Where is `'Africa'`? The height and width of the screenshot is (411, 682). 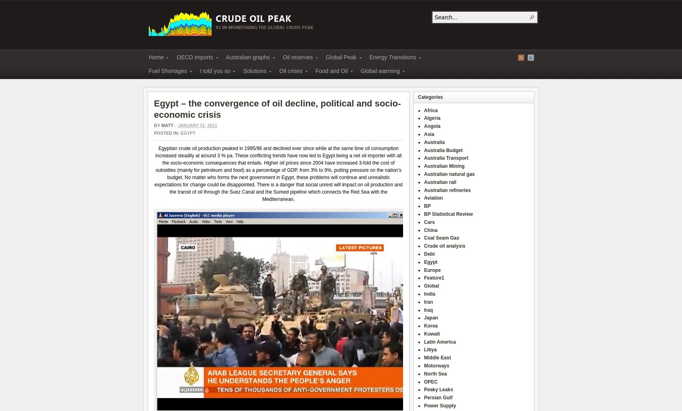 'Africa' is located at coordinates (431, 110).